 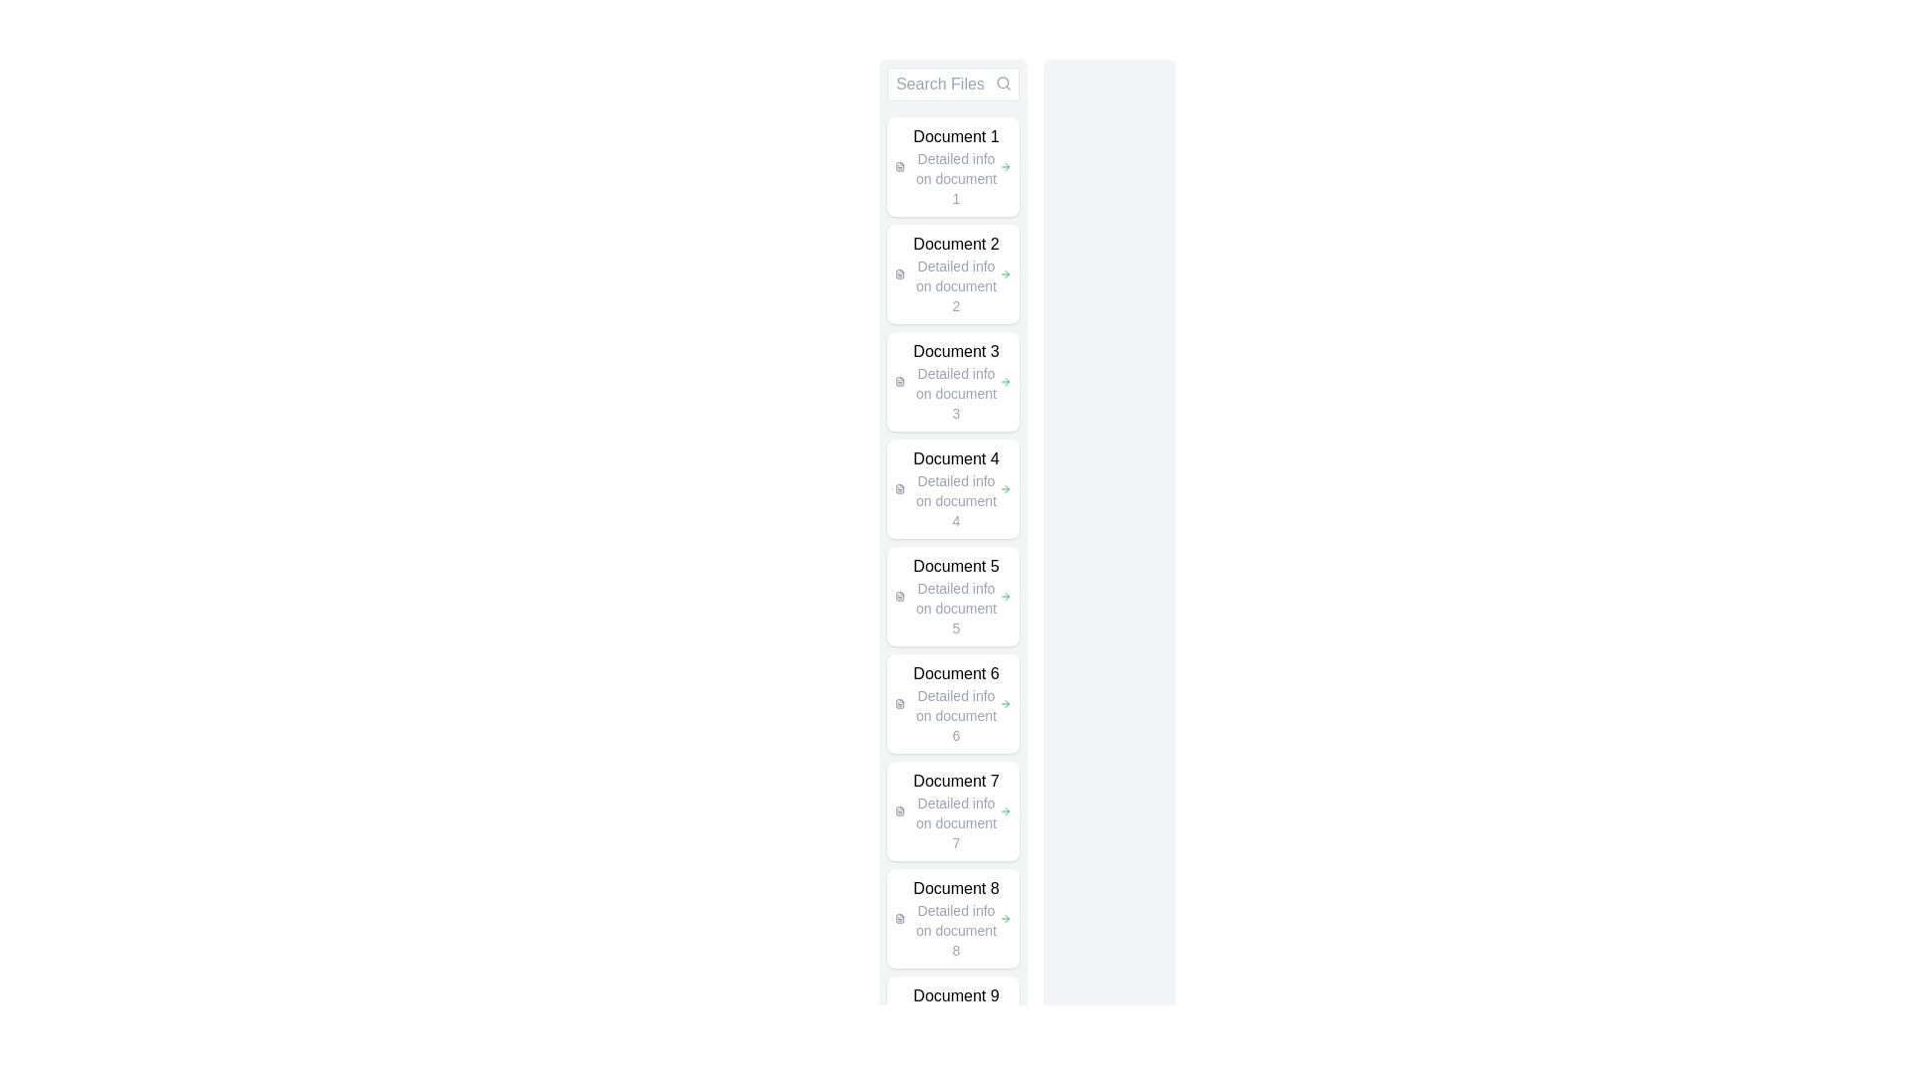 What do you see at coordinates (1006, 596) in the screenshot?
I see `the rightward-pointing green arrow icon located next to the 'Detailed info on document 5' text in the fifth card of the vertical list` at bounding box center [1006, 596].